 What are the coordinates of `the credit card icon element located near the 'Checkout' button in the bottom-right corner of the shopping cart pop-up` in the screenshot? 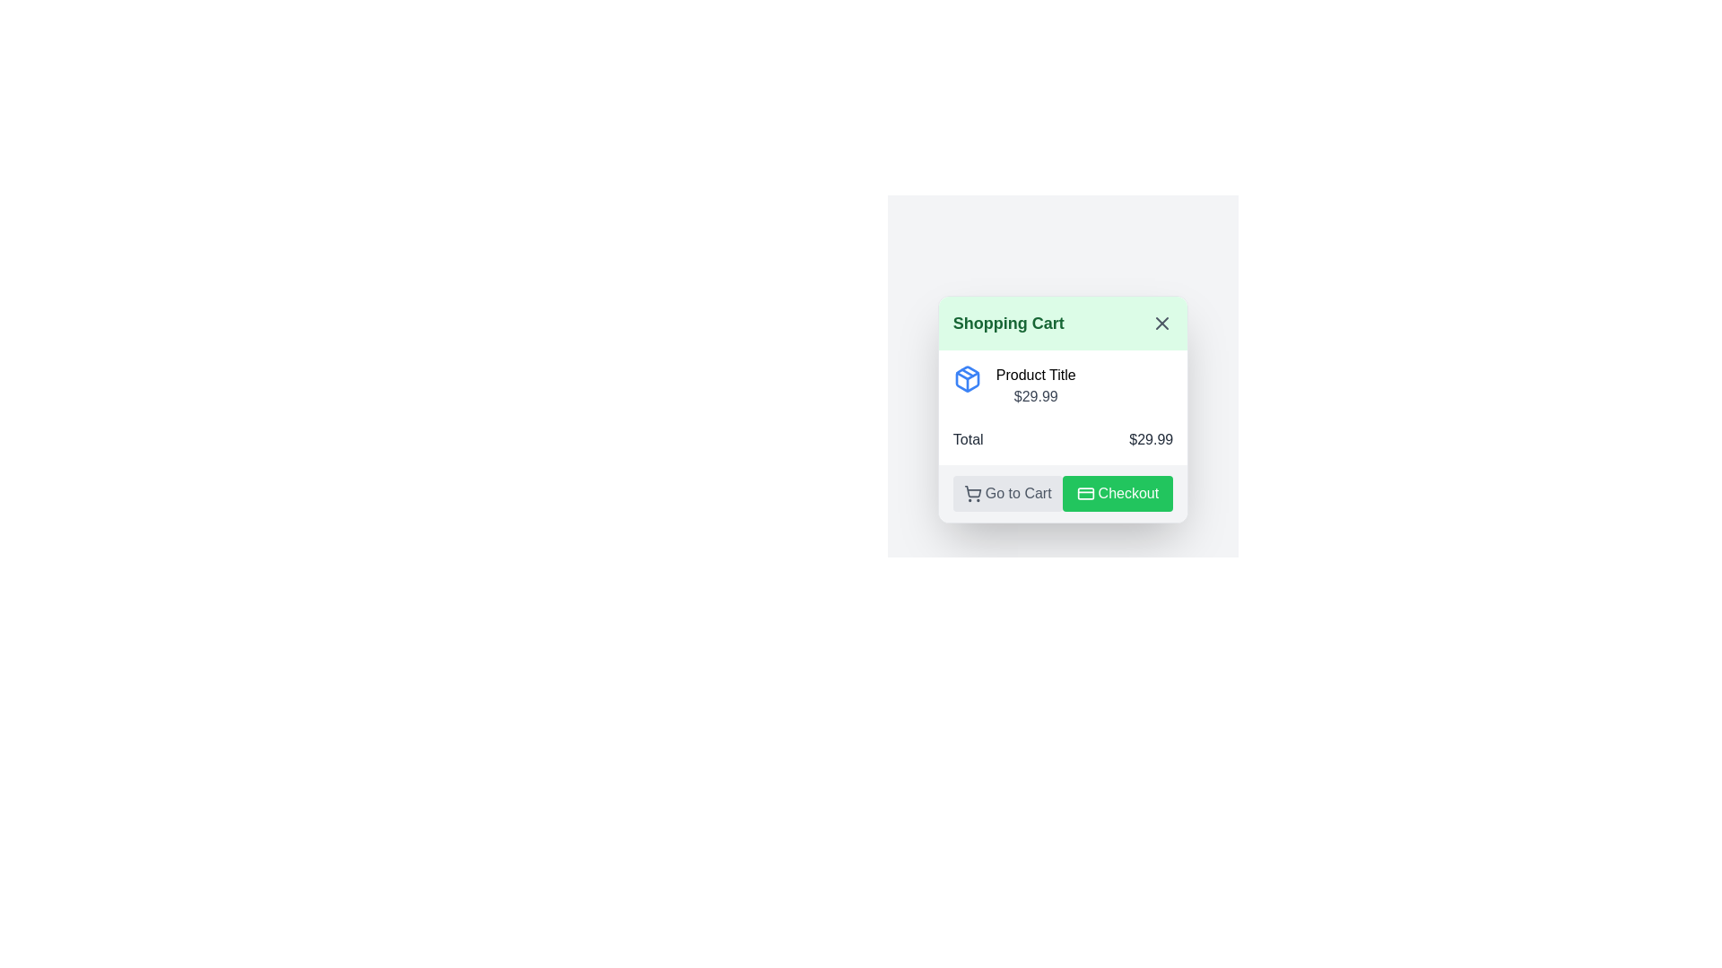 It's located at (1084, 494).